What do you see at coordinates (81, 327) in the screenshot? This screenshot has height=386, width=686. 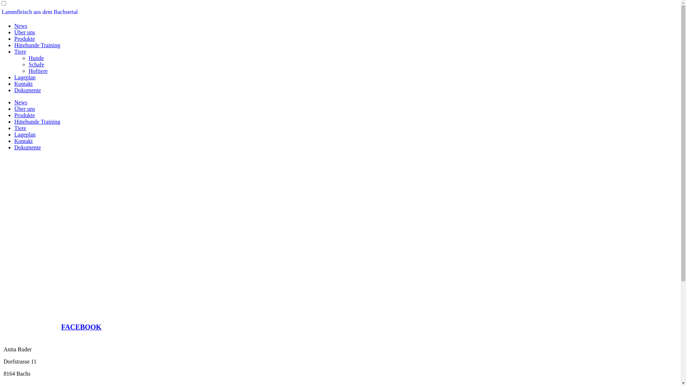 I see `'FACEBOOK'` at bounding box center [81, 327].